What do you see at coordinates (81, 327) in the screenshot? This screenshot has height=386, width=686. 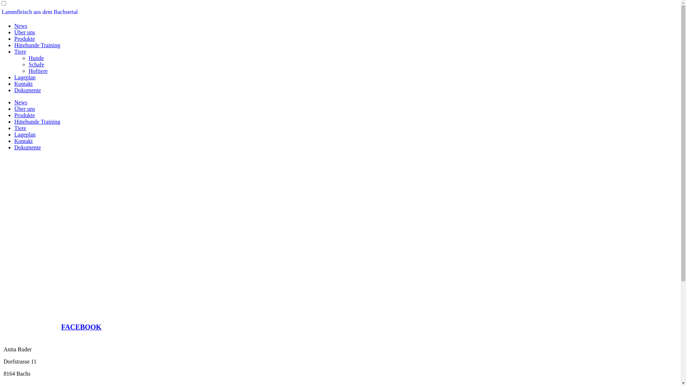 I see `'FACEBOOK'` at bounding box center [81, 327].